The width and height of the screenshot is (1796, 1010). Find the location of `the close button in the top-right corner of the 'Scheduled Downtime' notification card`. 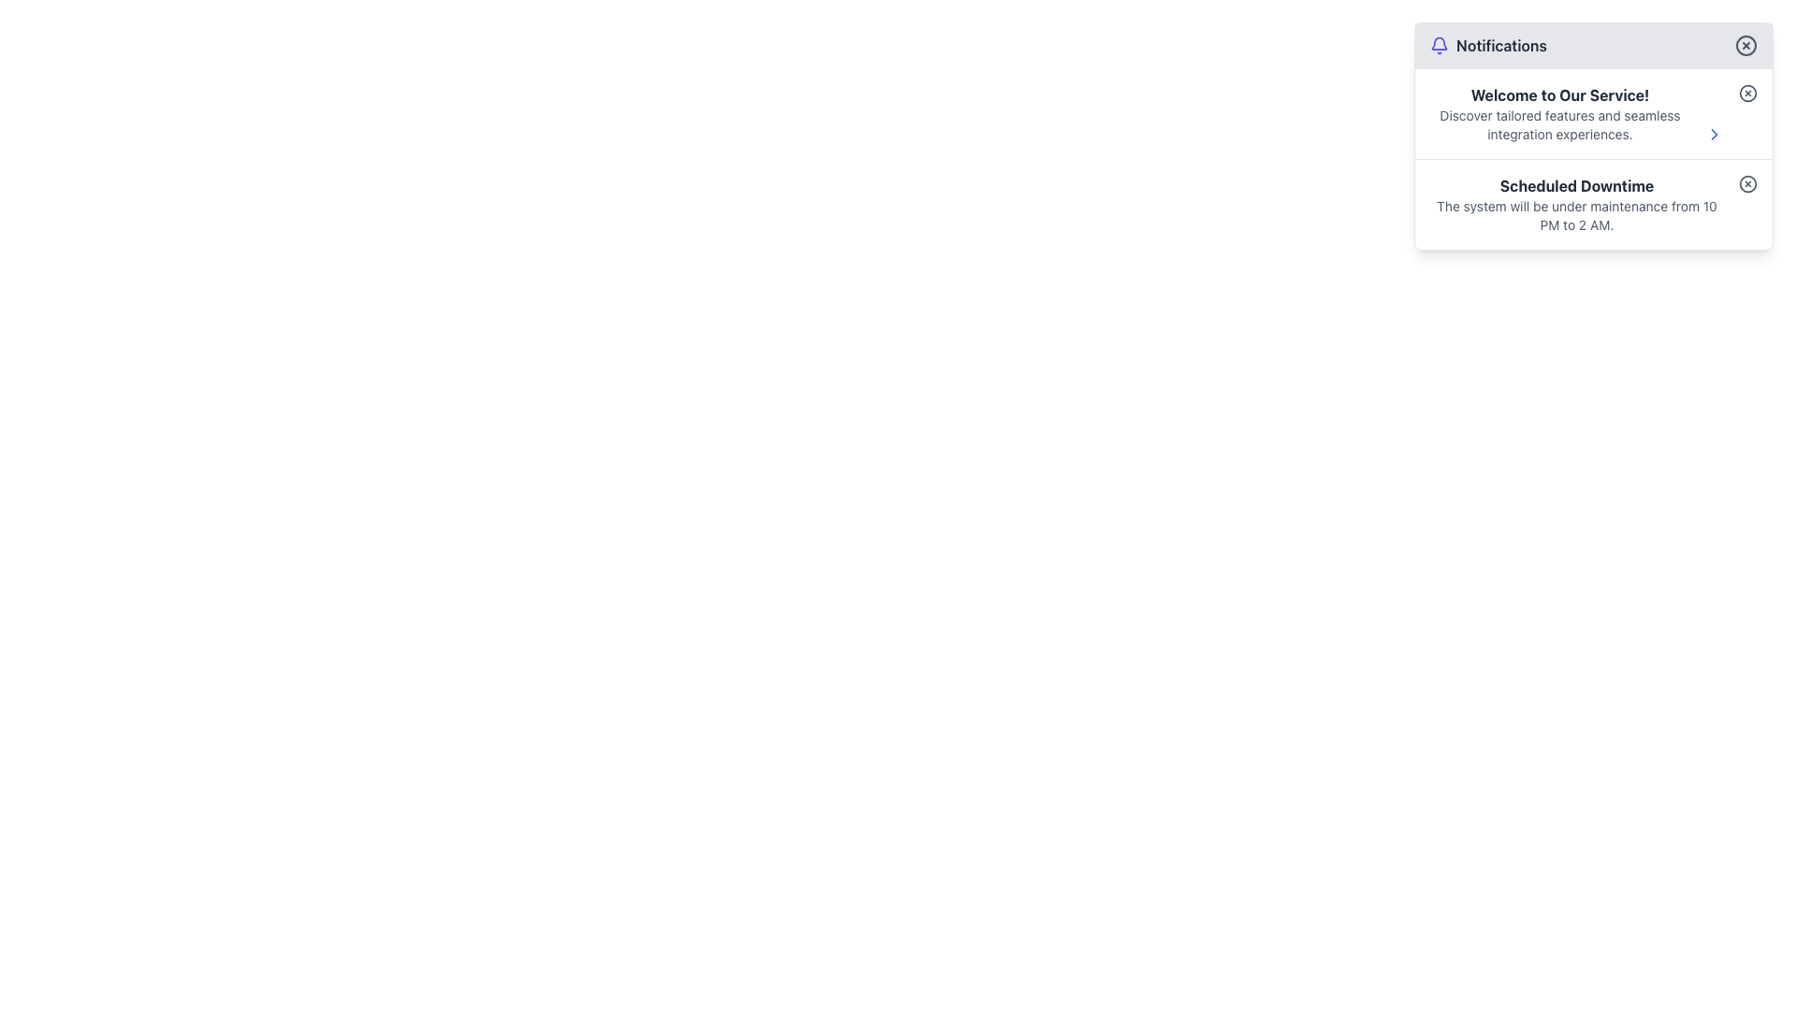

the close button in the top-right corner of the 'Scheduled Downtime' notification card is located at coordinates (1746, 183).